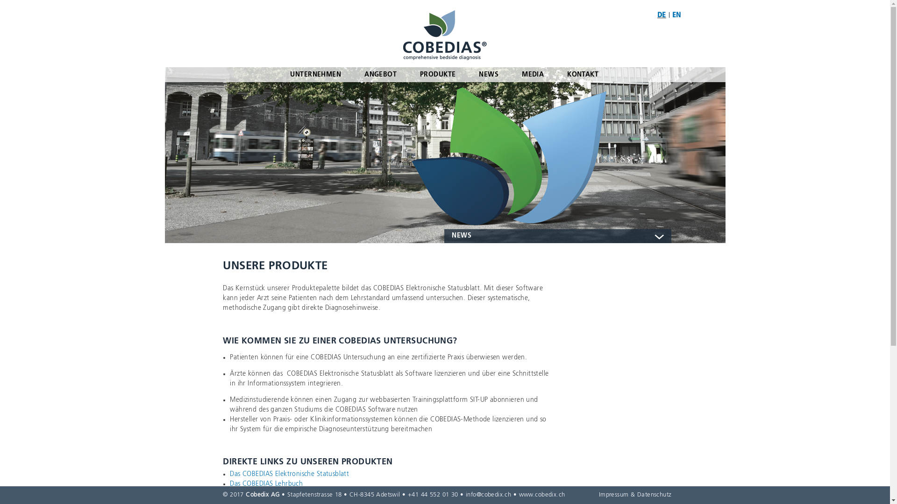 Image resolution: width=897 pixels, height=504 pixels. What do you see at coordinates (266, 483) in the screenshot?
I see `'Das COBEDIAS Lehrbuch'` at bounding box center [266, 483].